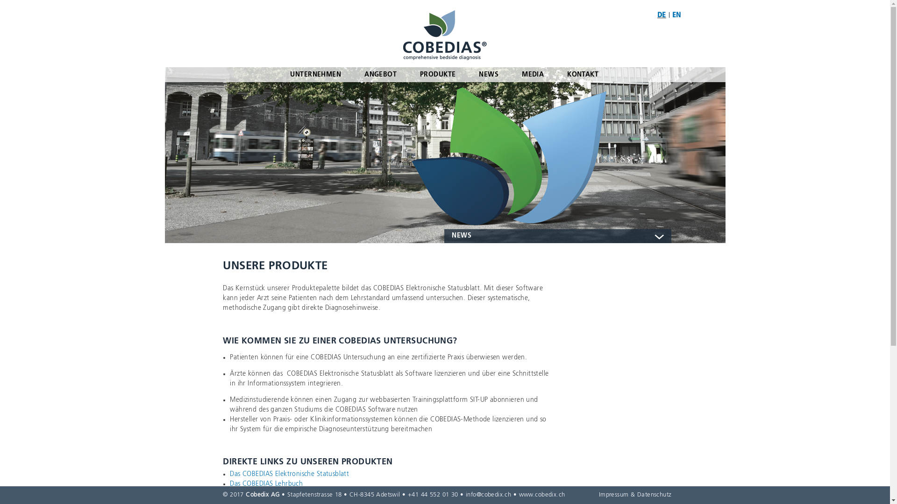 Image resolution: width=897 pixels, height=504 pixels. What do you see at coordinates (266, 483) in the screenshot?
I see `'Das COBEDIAS Lehrbuch'` at bounding box center [266, 483].